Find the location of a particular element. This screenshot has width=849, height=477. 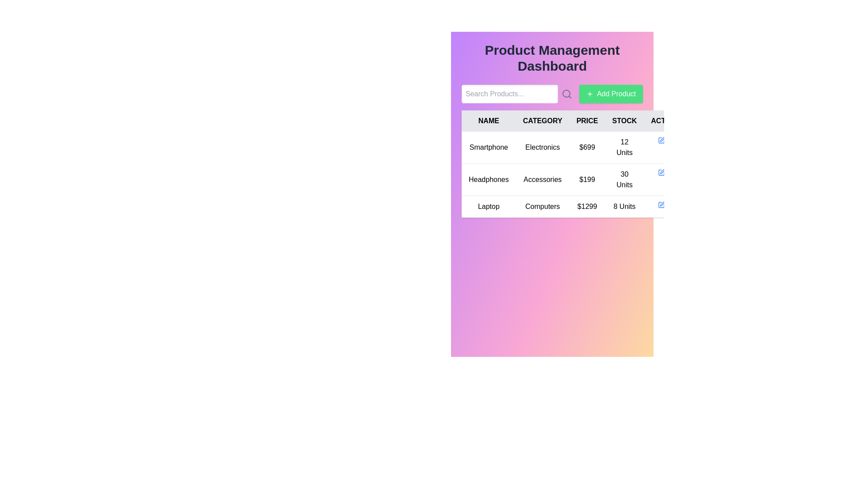

the text label element that reads 'CATEGORY', which is the second cell in the header row of a table with a gray background is located at coordinates (542, 121).